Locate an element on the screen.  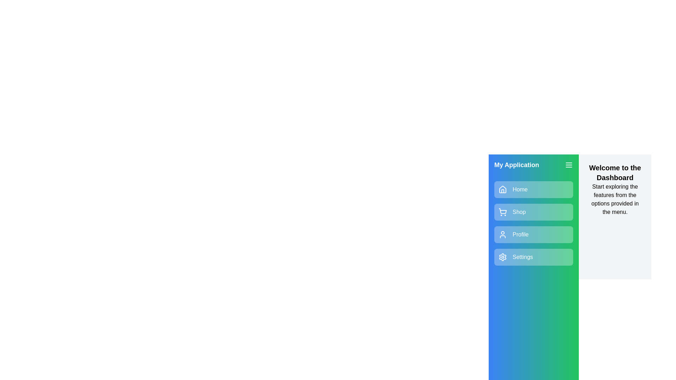
the menu item corresponding to Home is located at coordinates (534, 189).